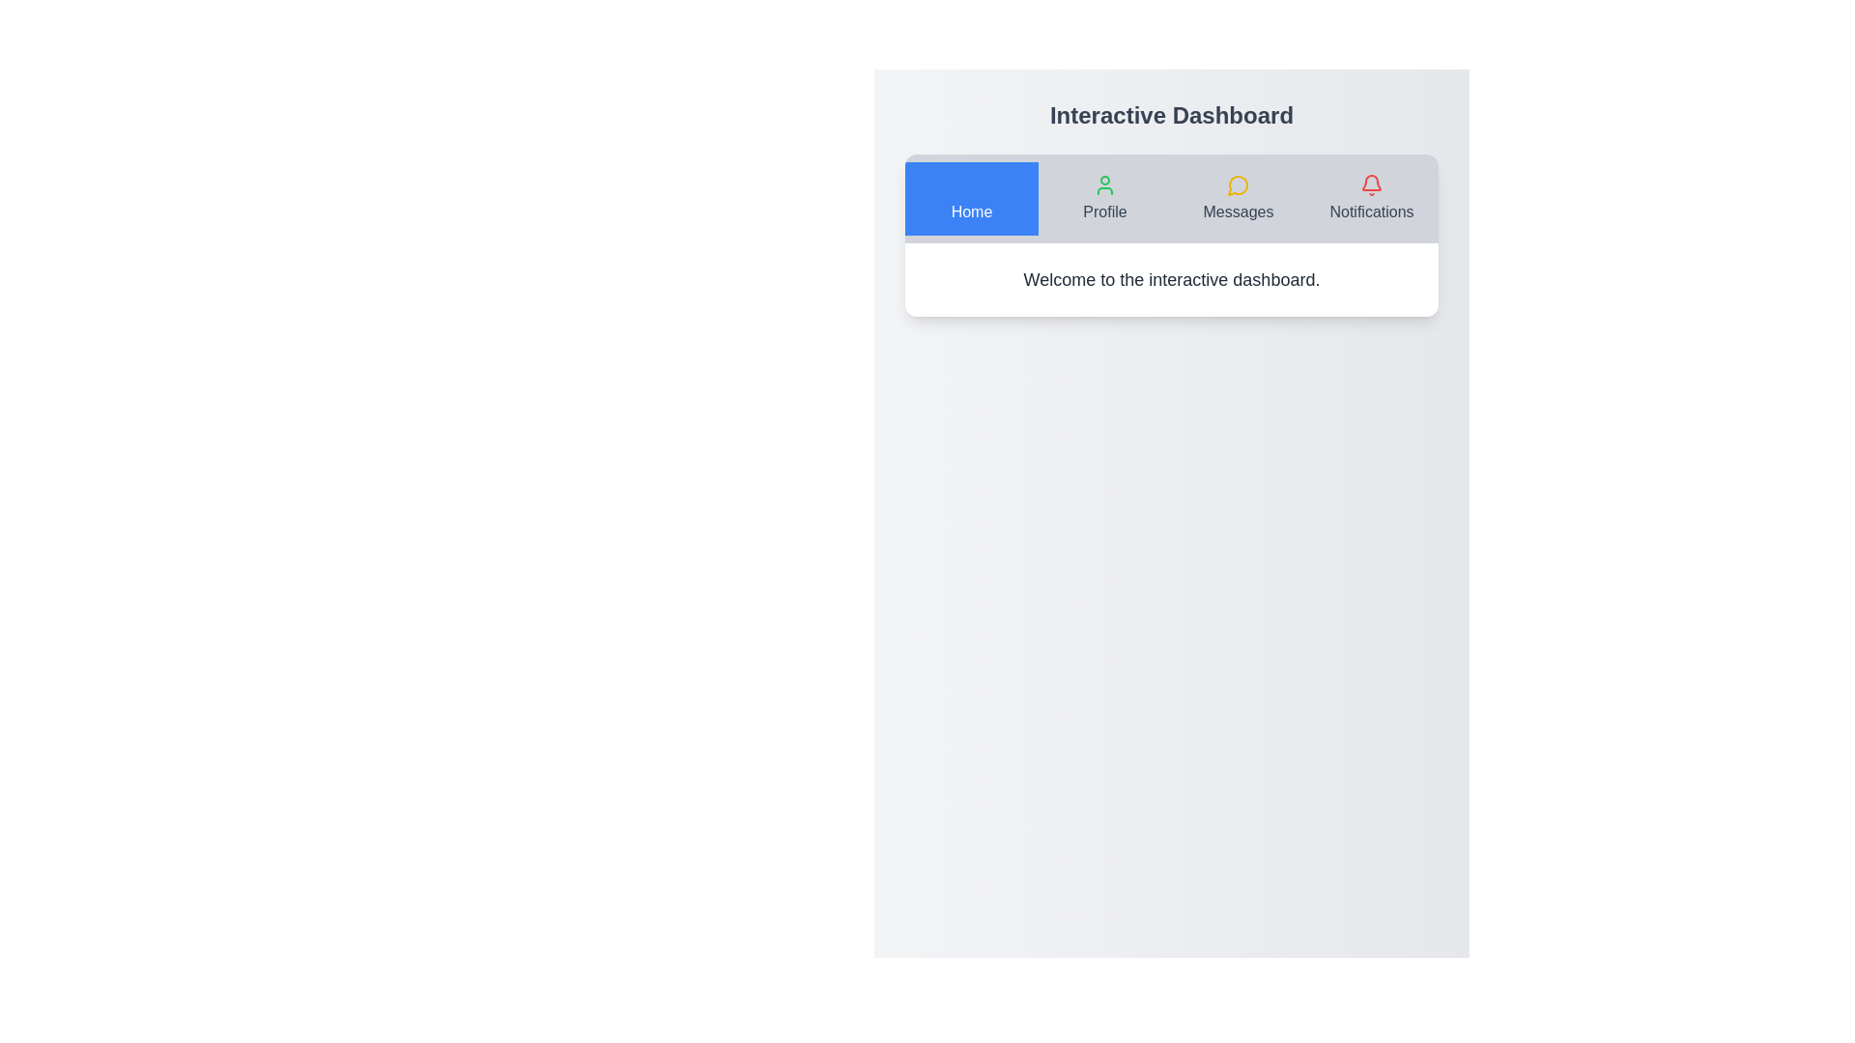 The height and width of the screenshot is (1043, 1855). I want to click on the 'Home' text label, which is part of the navigation menu, displayed in white font on a blue background, so click(972, 211).